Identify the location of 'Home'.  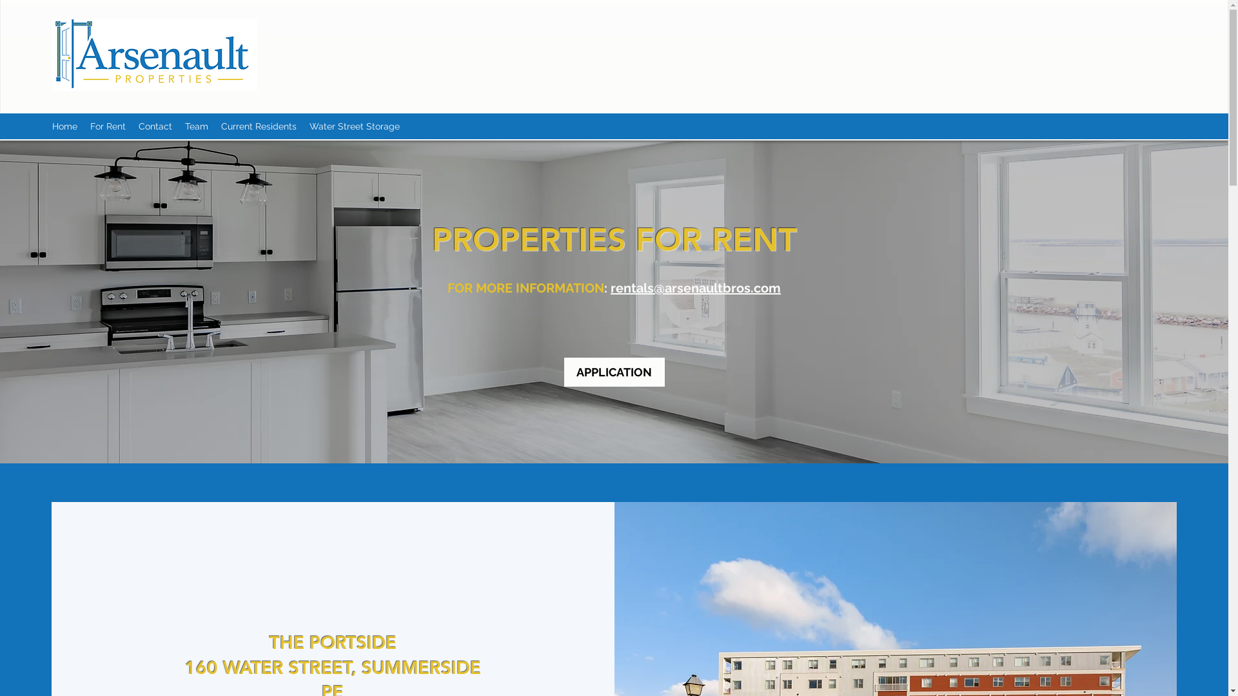
(64, 126).